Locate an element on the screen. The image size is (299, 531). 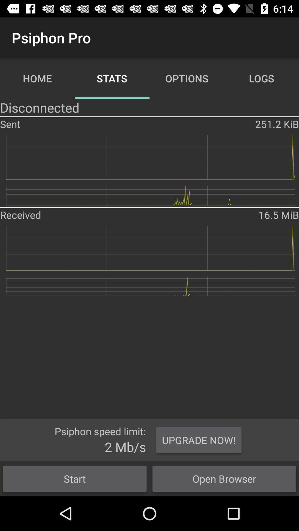
start is located at coordinates (75, 478).